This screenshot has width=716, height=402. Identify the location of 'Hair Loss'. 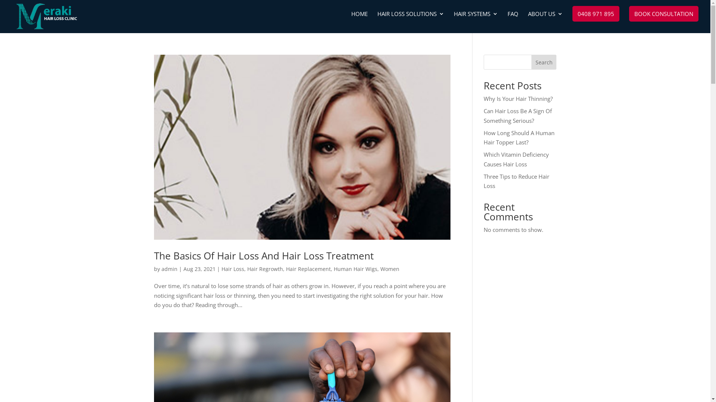
(232, 269).